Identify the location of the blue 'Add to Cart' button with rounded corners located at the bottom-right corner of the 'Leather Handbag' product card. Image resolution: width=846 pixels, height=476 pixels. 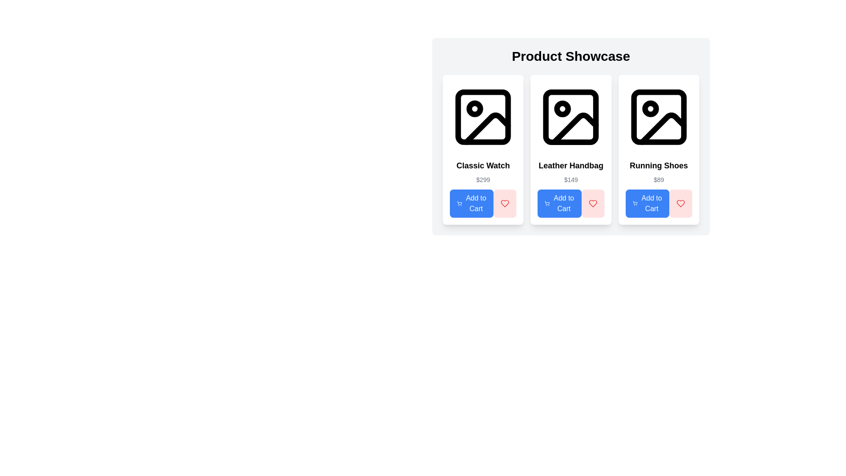
(571, 204).